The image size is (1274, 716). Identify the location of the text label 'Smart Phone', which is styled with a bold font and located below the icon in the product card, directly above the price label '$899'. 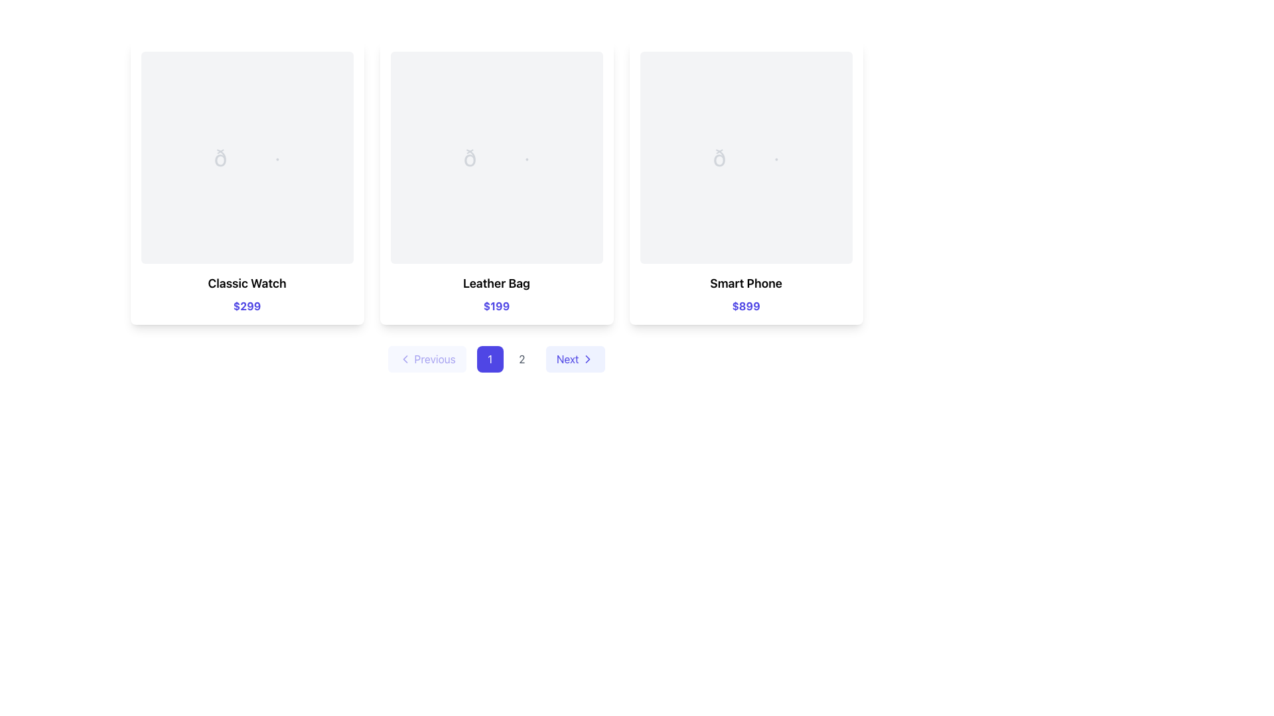
(746, 283).